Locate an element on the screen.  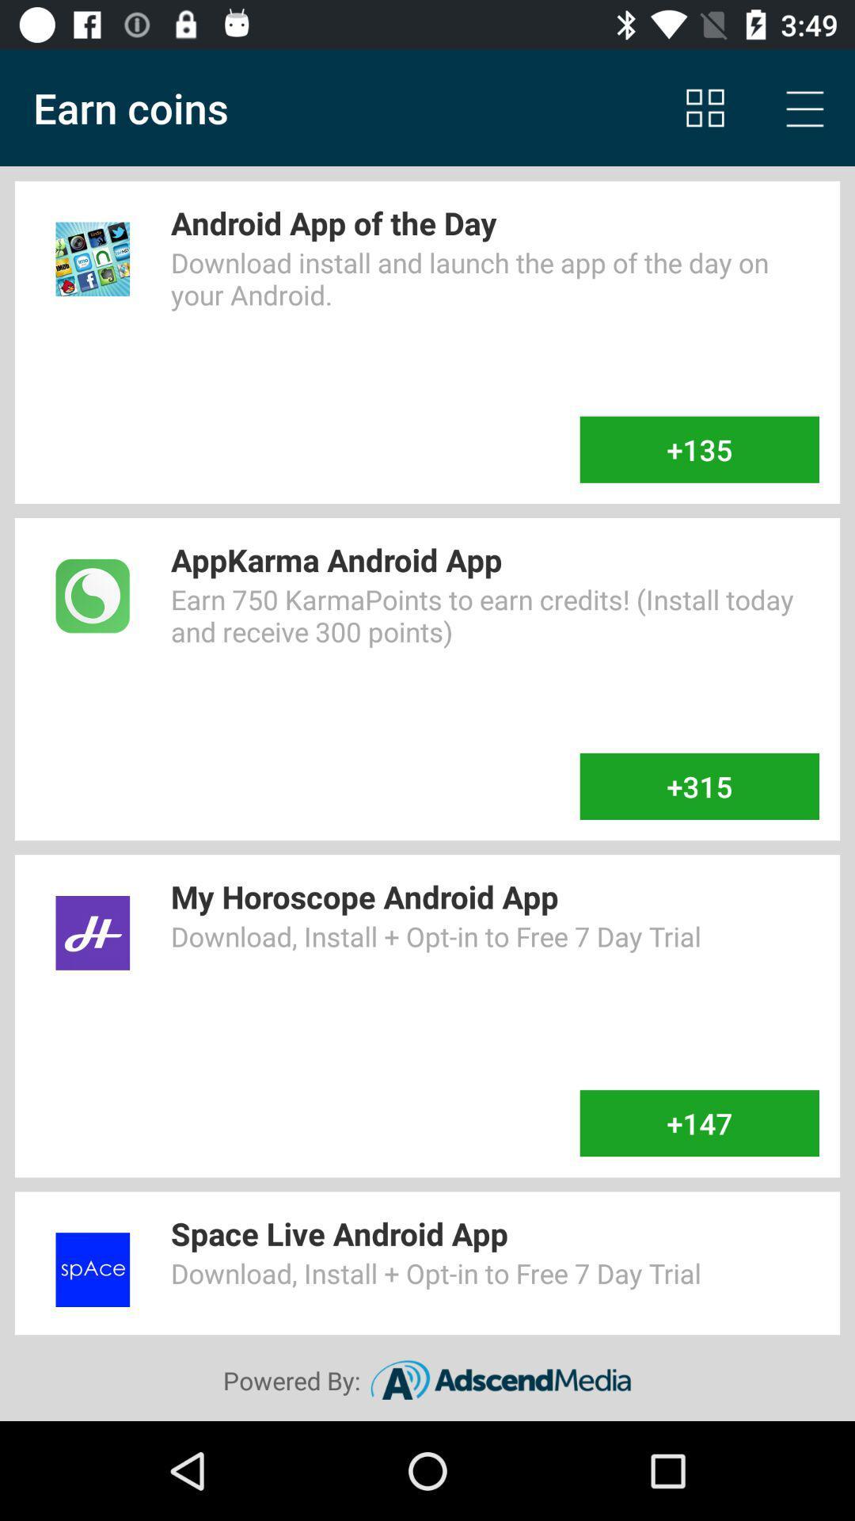
the +315 item is located at coordinates (698, 787).